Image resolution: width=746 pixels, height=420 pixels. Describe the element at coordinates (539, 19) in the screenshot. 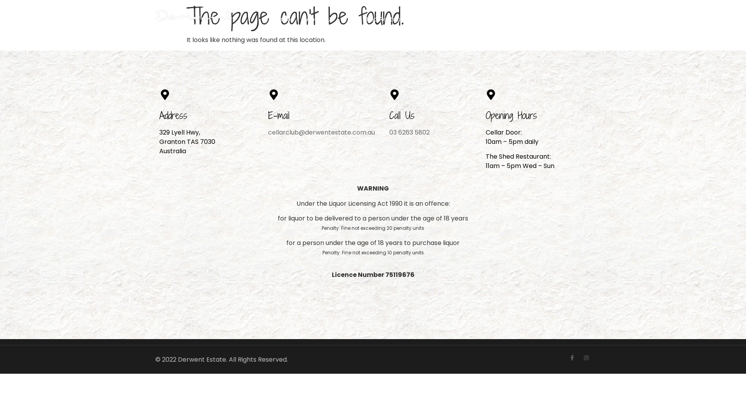

I see `'Cart'` at that location.